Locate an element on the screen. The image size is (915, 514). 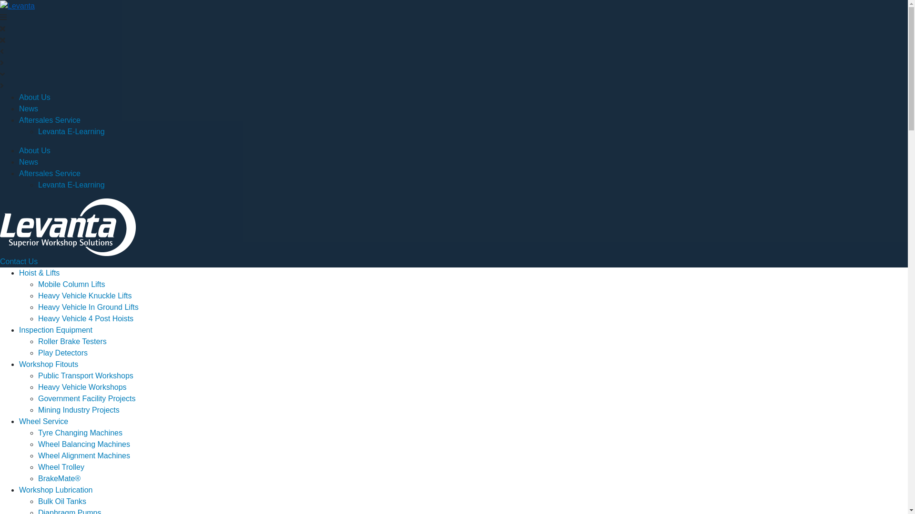
'Inspection Equipment' is located at coordinates (55, 329).